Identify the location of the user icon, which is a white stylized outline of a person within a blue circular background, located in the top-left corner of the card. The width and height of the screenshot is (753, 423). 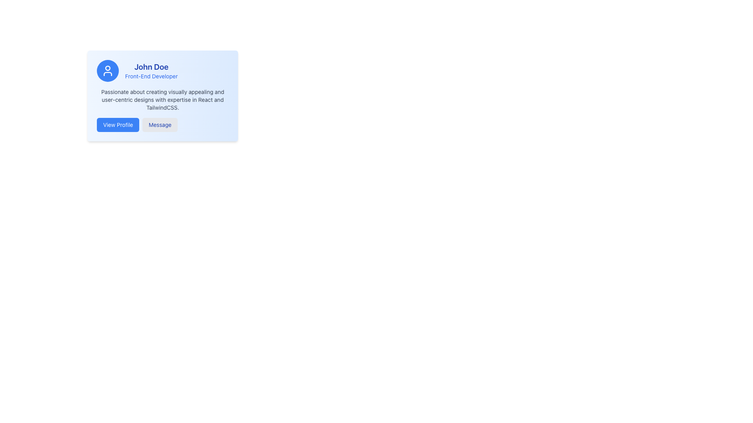
(107, 71).